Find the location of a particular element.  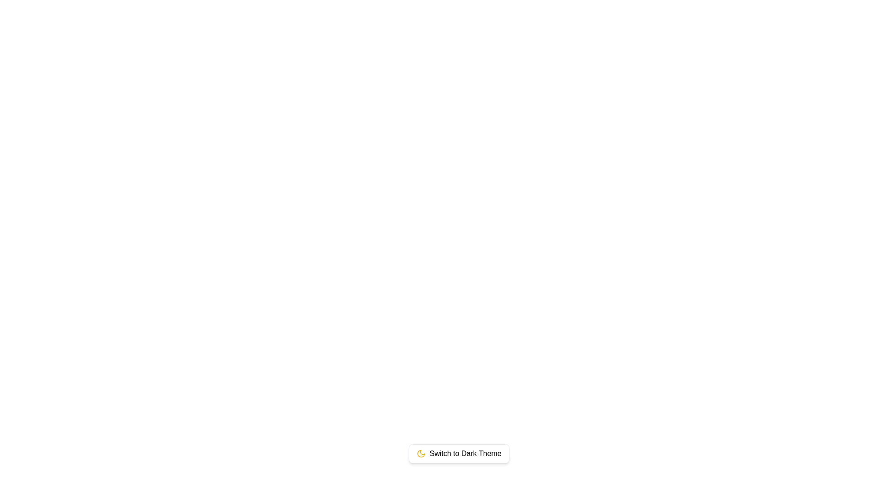

the 'Switch to Dark Theme' button is located at coordinates (459, 453).